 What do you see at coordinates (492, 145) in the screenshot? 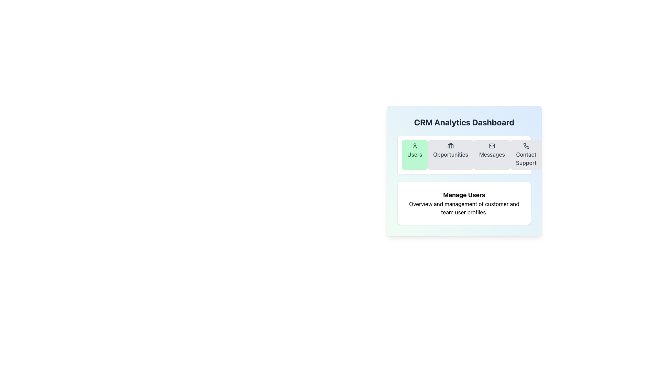
I see `the 'Messages' button which contains a minimalistic mail envelope icon, located in the navigation bar beneath the 'CRM Analytics Dashboard'` at bounding box center [492, 145].